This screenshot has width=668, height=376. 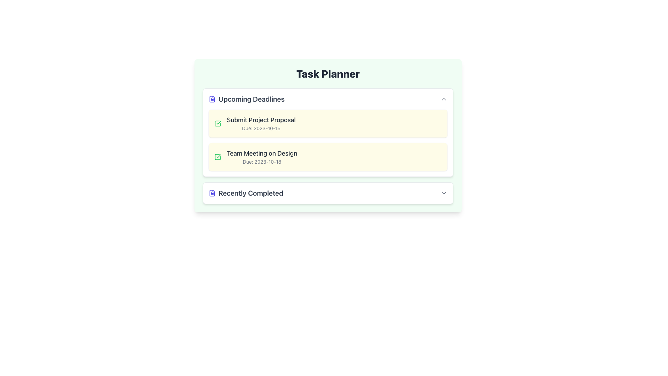 I want to click on text label that reads 'Recently Completed', which is bold and grayish, located below 'Upcoming Deadlines', so click(x=250, y=193).